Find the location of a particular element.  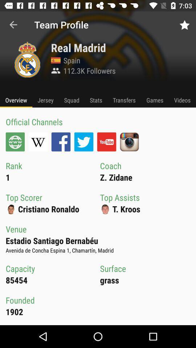

your official channel is located at coordinates (15, 141).